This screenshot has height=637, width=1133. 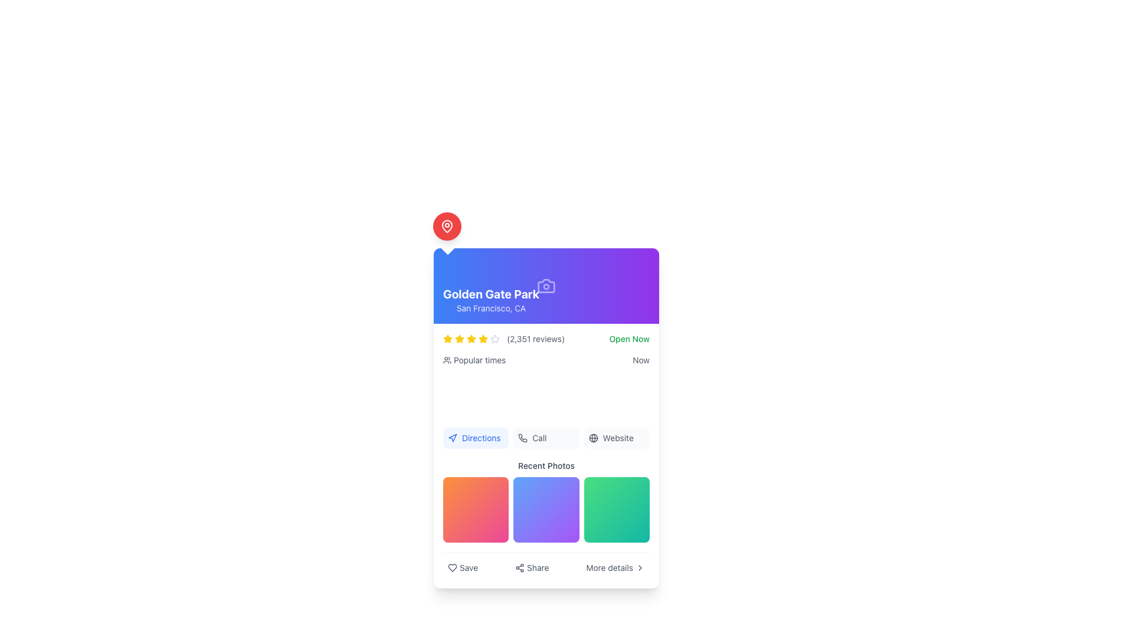 I want to click on text block displaying the title 'Golden Gate Park' and subtitle 'San Francisco, CA' located near the top left of the rectangle with a gradient background, so click(x=491, y=300).